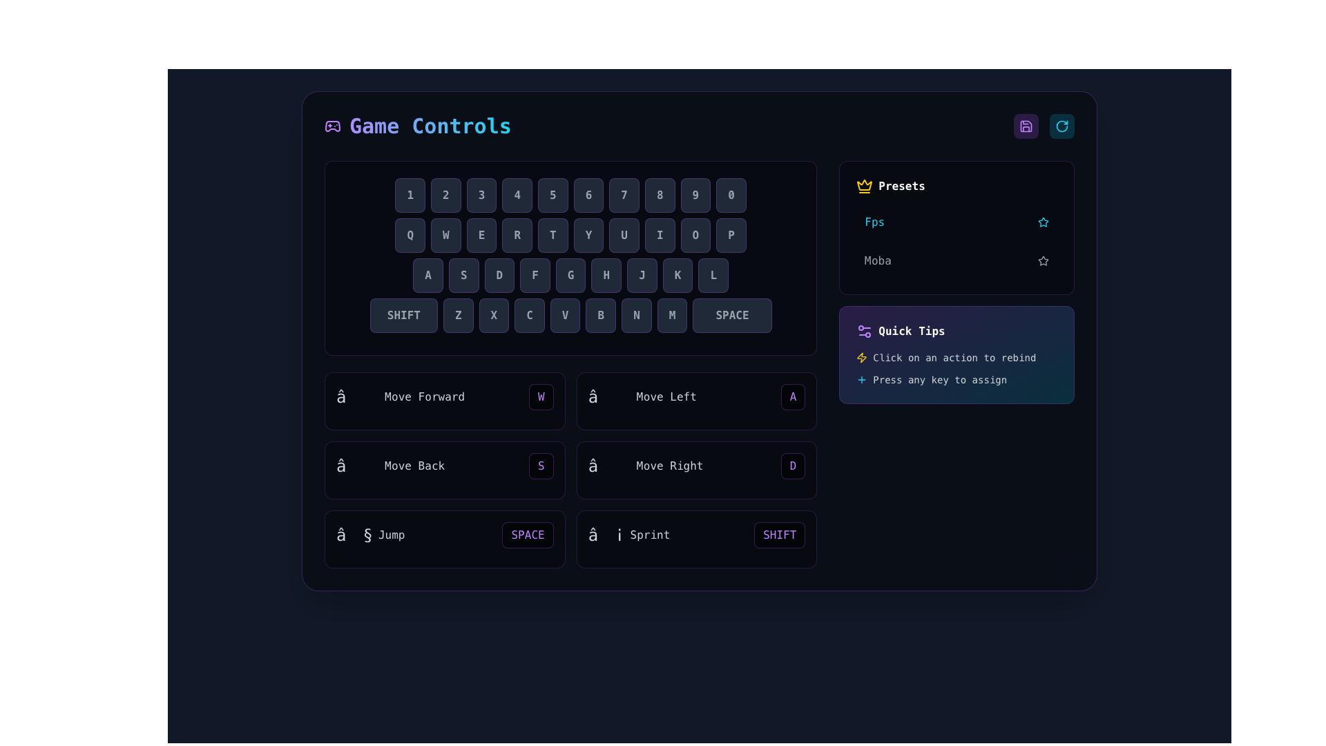 This screenshot has height=746, width=1326. I want to click on 'Move Forward' text label located in the top-left corner of the second row of the control panel to understand its purpose, so click(400, 396).